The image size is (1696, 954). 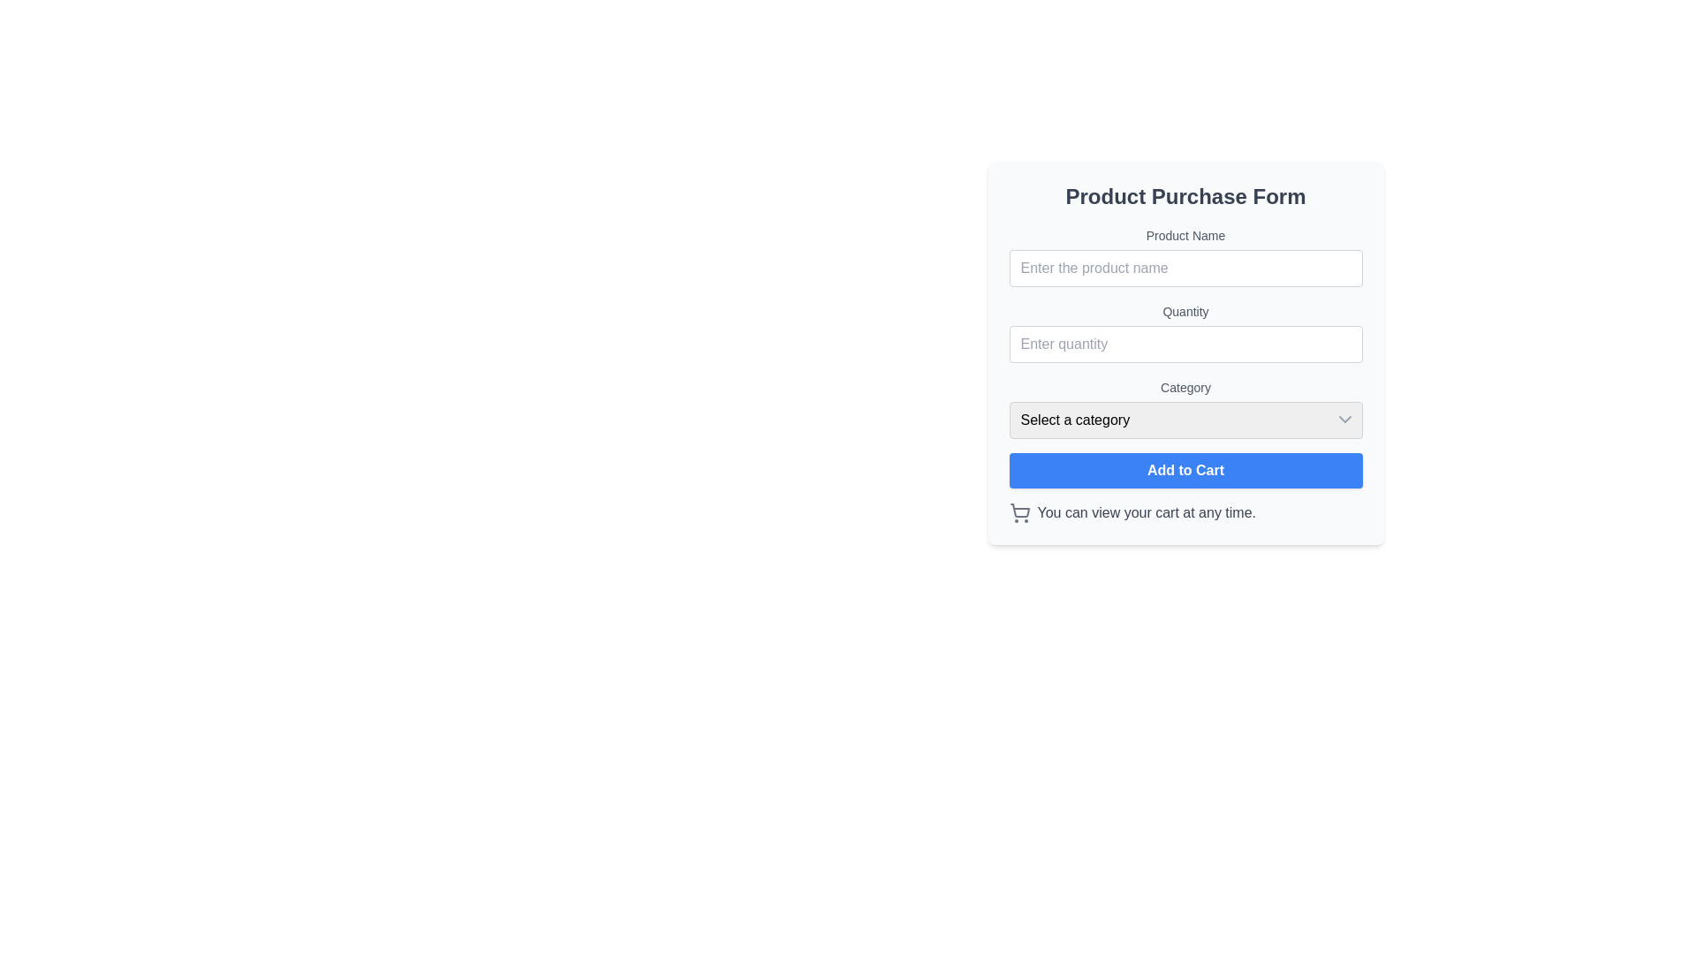 What do you see at coordinates (1185, 408) in the screenshot?
I see `the 'Category' dropdown menu` at bounding box center [1185, 408].